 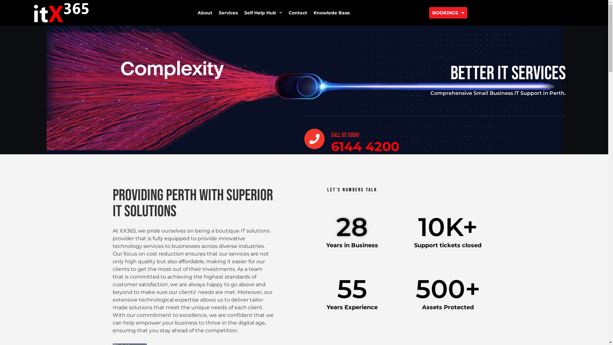 What do you see at coordinates (297, 12) in the screenshot?
I see `'Contact'` at bounding box center [297, 12].